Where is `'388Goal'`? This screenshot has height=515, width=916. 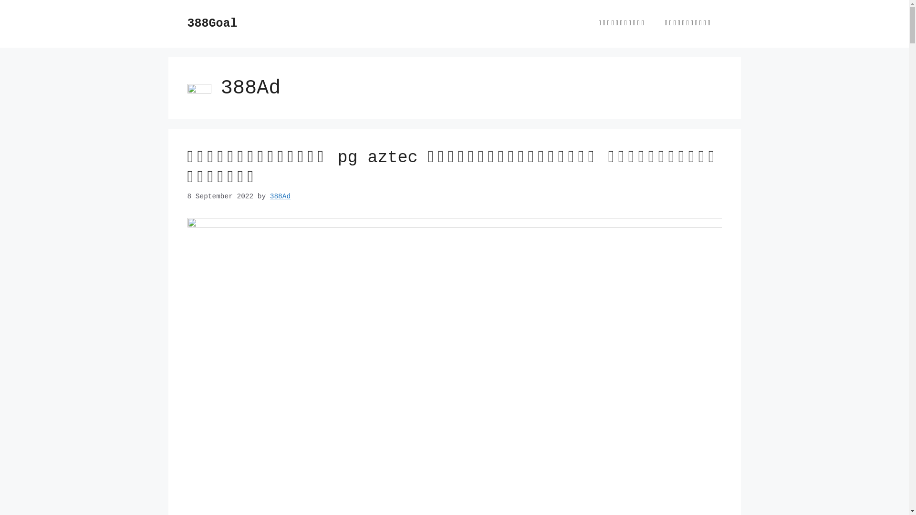
'388Goal' is located at coordinates (211, 23).